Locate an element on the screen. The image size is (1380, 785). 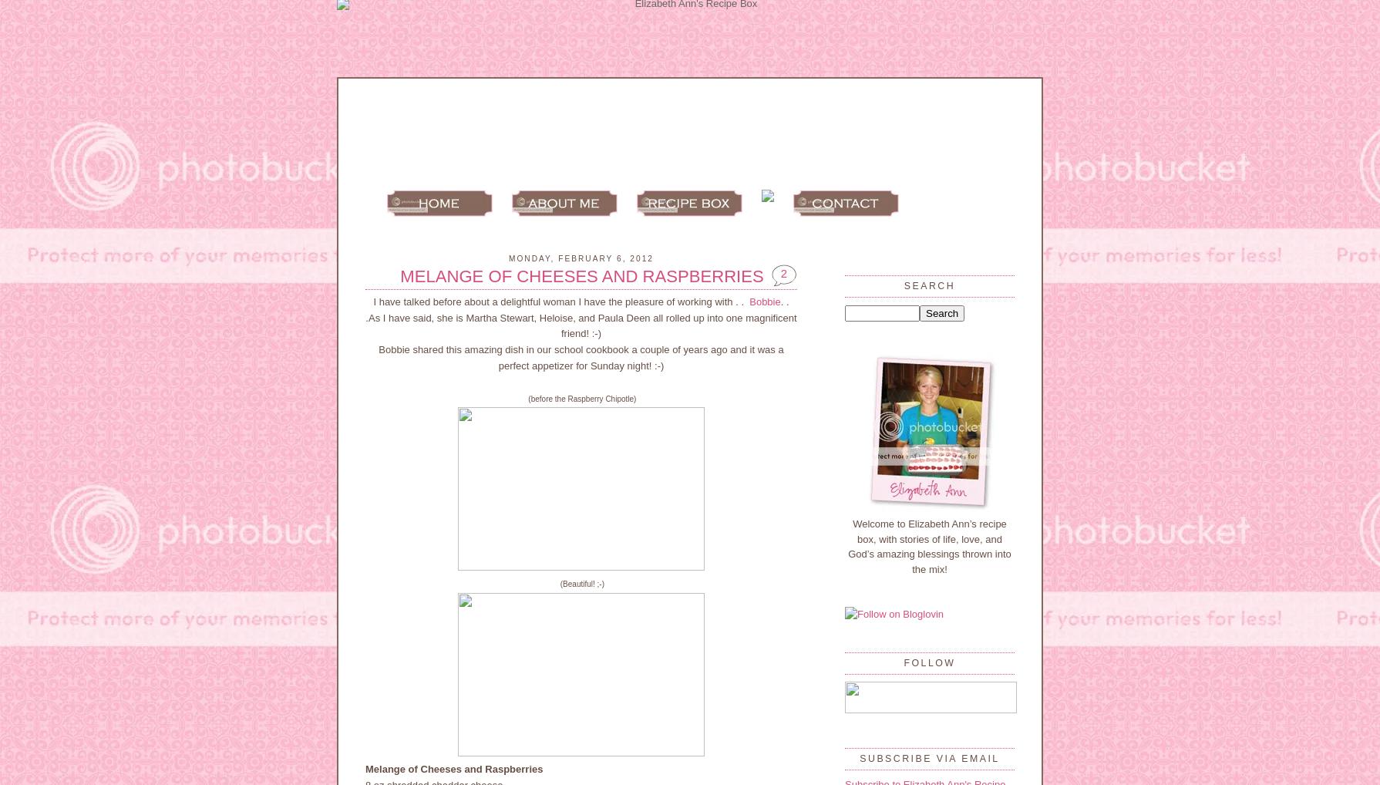
'Monday, February 6, 2012' is located at coordinates (580, 258).